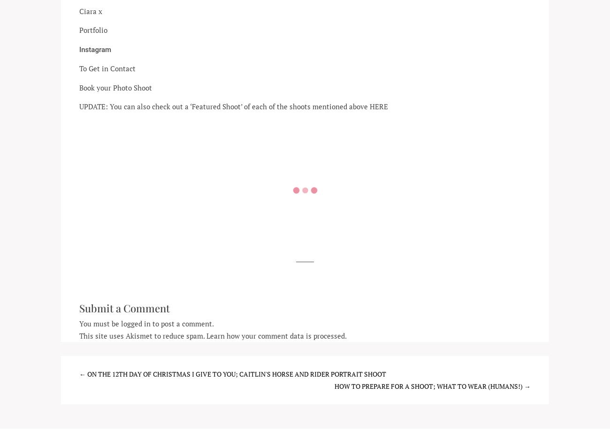 This screenshot has height=439, width=610. Describe the element at coordinates (236, 373) in the screenshot. I see `'On the 12th Day of Christmas I give to you; Caitlin's Horse and Rider Portrait Shoot'` at that location.